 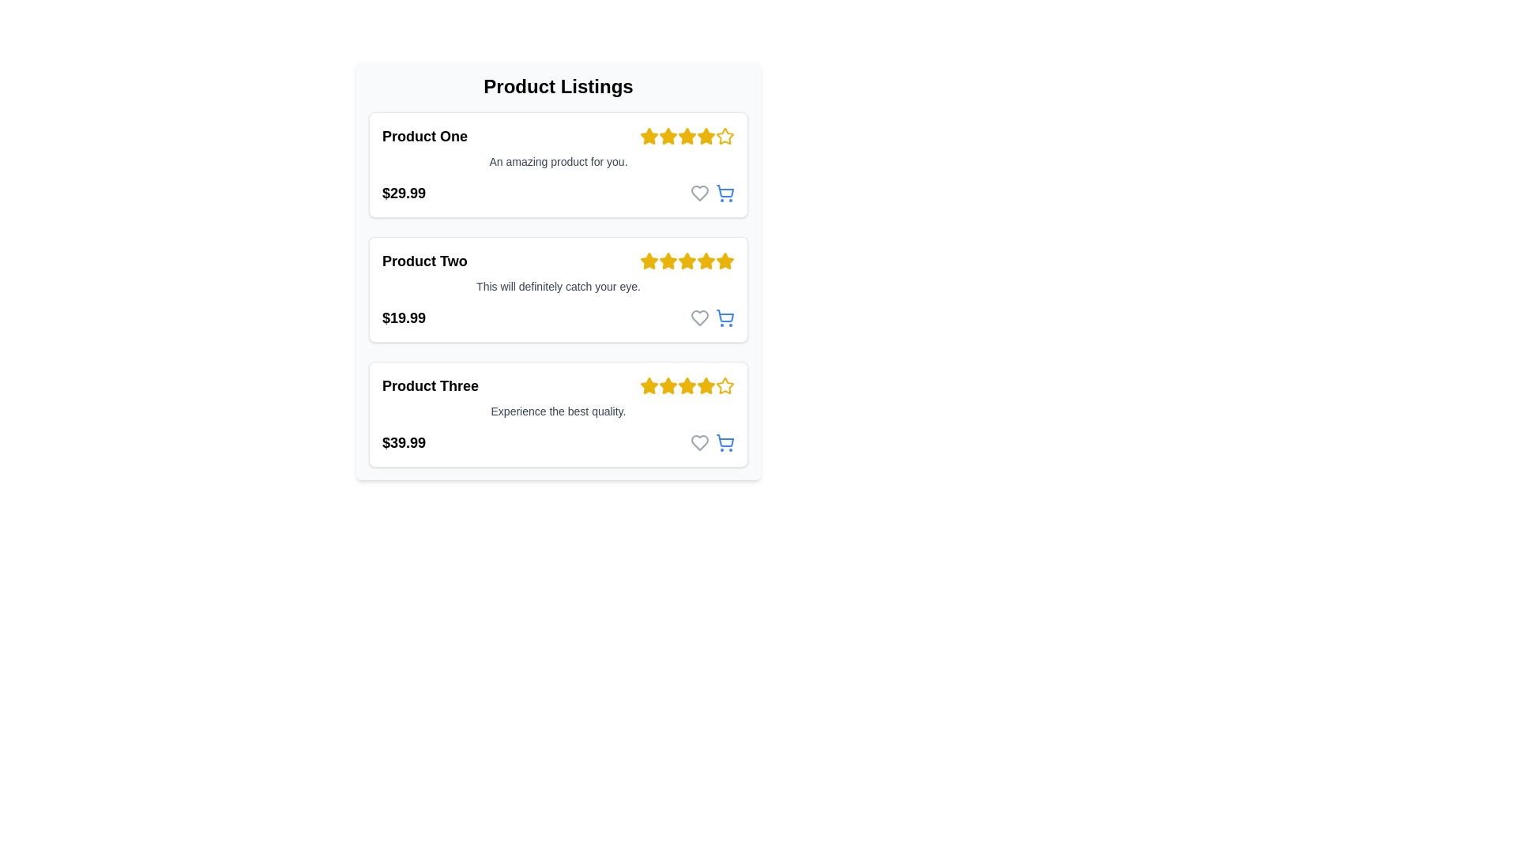 What do you see at coordinates (724, 135) in the screenshot?
I see `the fifth star icon in the rating system` at bounding box center [724, 135].